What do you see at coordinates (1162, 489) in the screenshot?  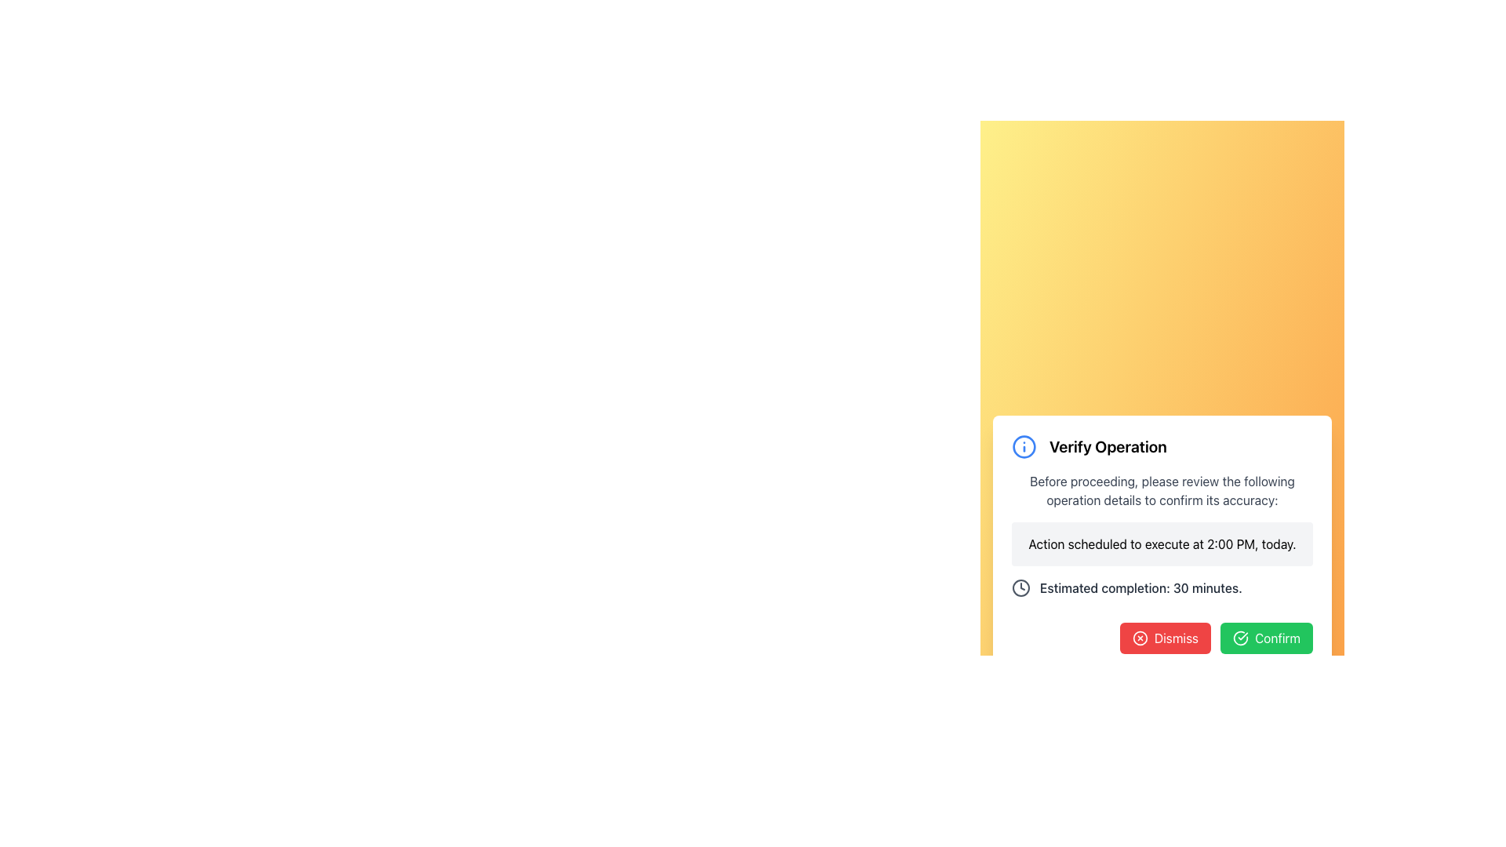 I see `the text block that informs users to review the operation details, located beneath the 'Verify Operation' heading and above the scheduled action description in a rounded white panel` at bounding box center [1162, 489].